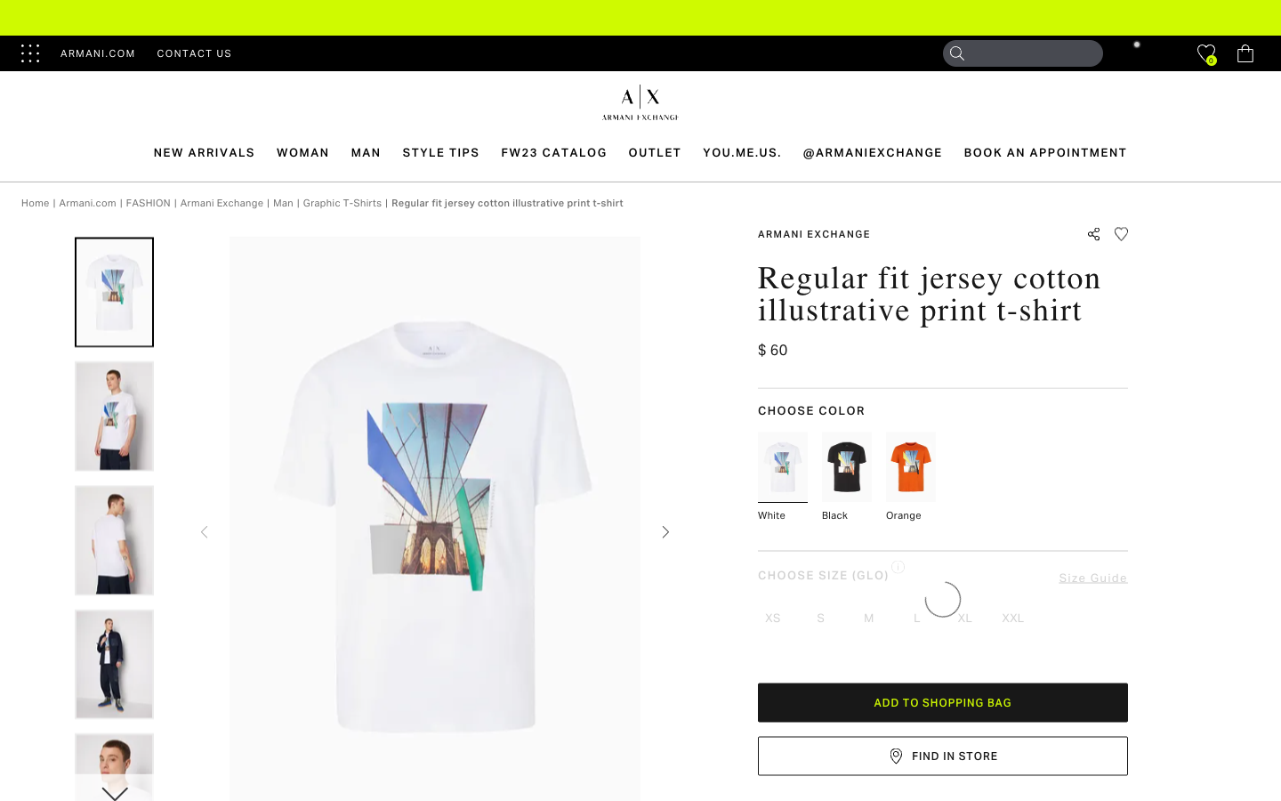  Describe the element at coordinates (436821, 137371) in the screenshot. I see `Reach the second choice in the dropdown menu of women category` at that location.